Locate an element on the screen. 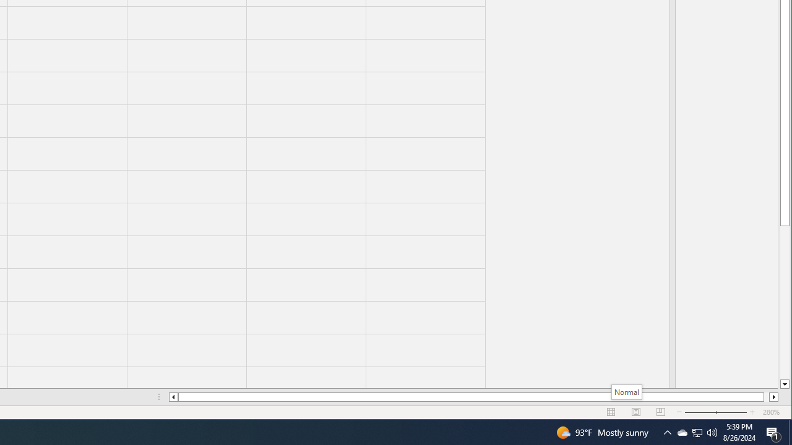  'Show desktop' is located at coordinates (790, 431).